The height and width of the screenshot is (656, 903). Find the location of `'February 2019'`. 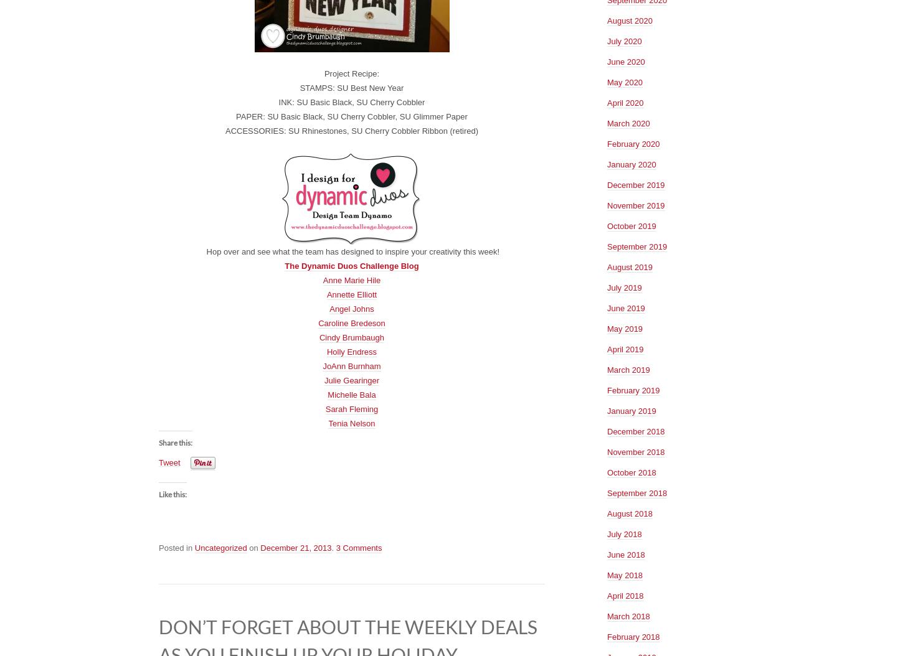

'February 2019' is located at coordinates (633, 389).